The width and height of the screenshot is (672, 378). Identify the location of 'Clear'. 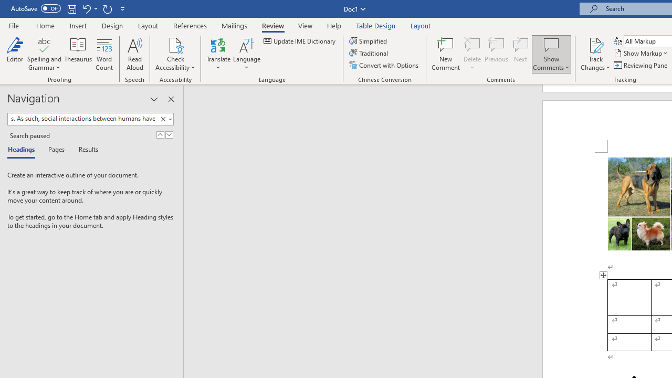
(164, 119).